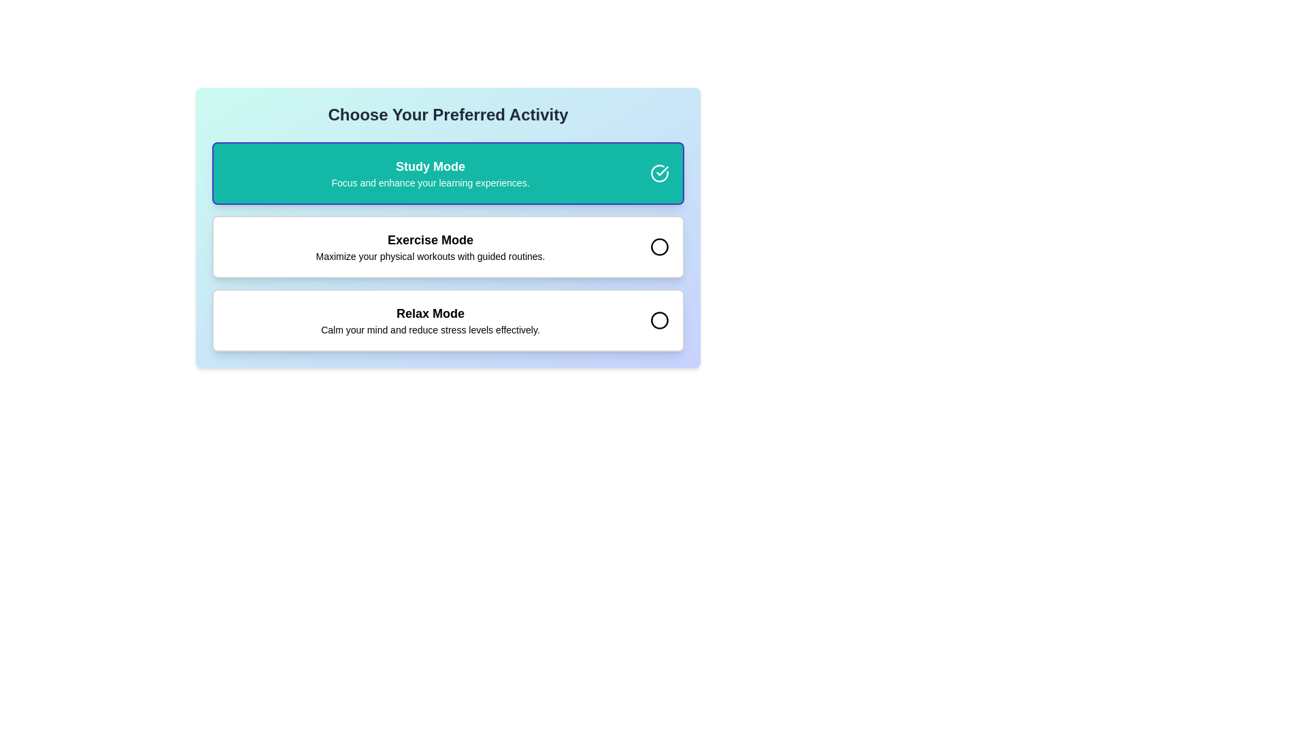  I want to click on the 'Study Mode' Text block element, which is centrally located in the teal-colored rectangular section of the topmost choice box in the vertical list titled 'Choose Your Preferred Activity.', so click(430, 172).